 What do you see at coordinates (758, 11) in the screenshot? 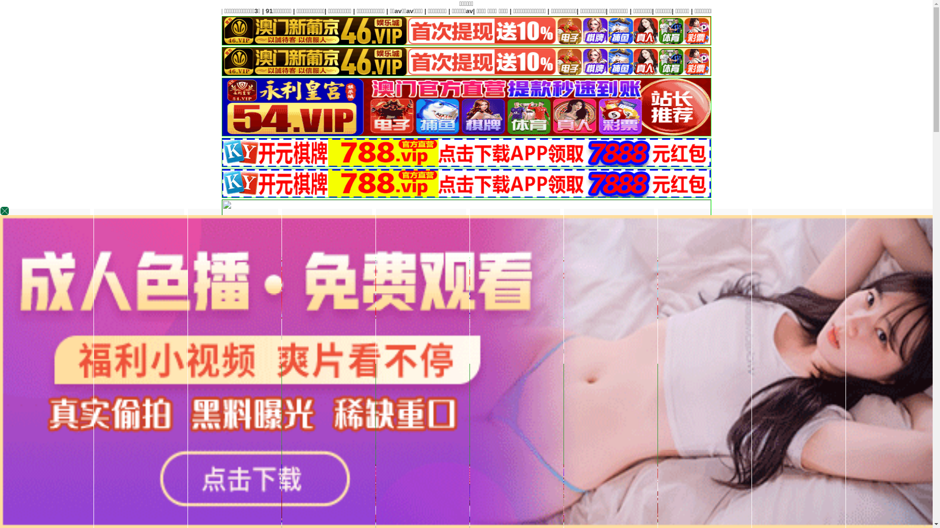
I see `'|'` at bounding box center [758, 11].